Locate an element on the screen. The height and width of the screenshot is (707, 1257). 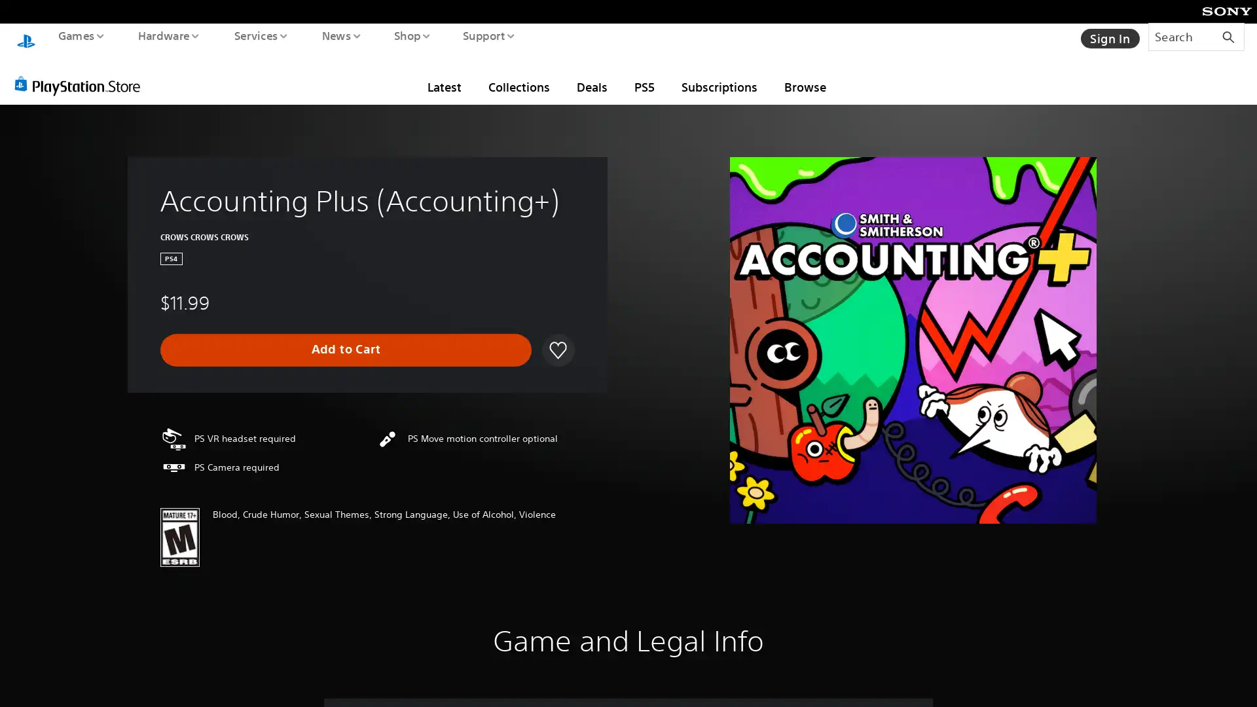
Sign In is located at coordinates (1108, 36).